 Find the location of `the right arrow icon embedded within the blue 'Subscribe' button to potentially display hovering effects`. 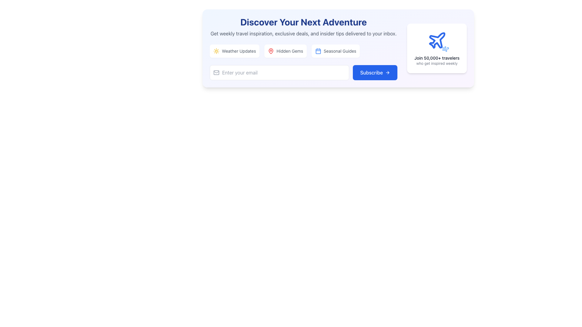

the right arrow icon embedded within the blue 'Subscribe' button to potentially display hovering effects is located at coordinates (387, 72).